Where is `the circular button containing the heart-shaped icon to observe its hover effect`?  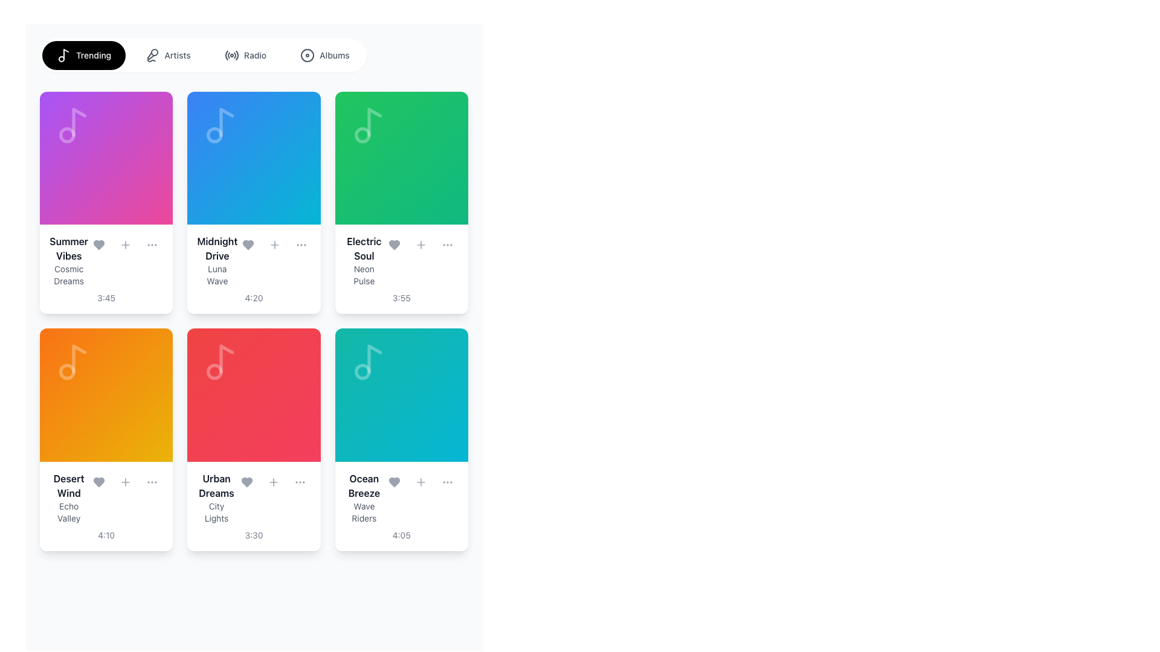
the circular button containing the heart-shaped icon to observe its hover effect is located at coordinates (246, 481).